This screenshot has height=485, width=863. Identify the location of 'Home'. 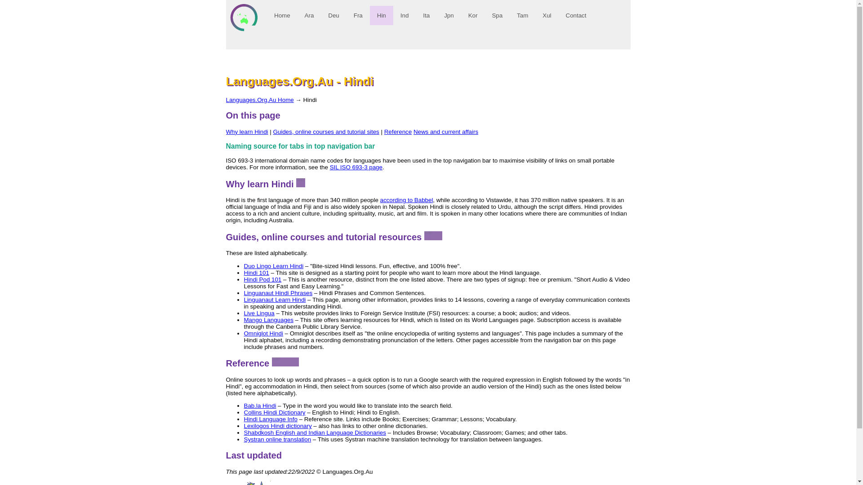
(282, 15).